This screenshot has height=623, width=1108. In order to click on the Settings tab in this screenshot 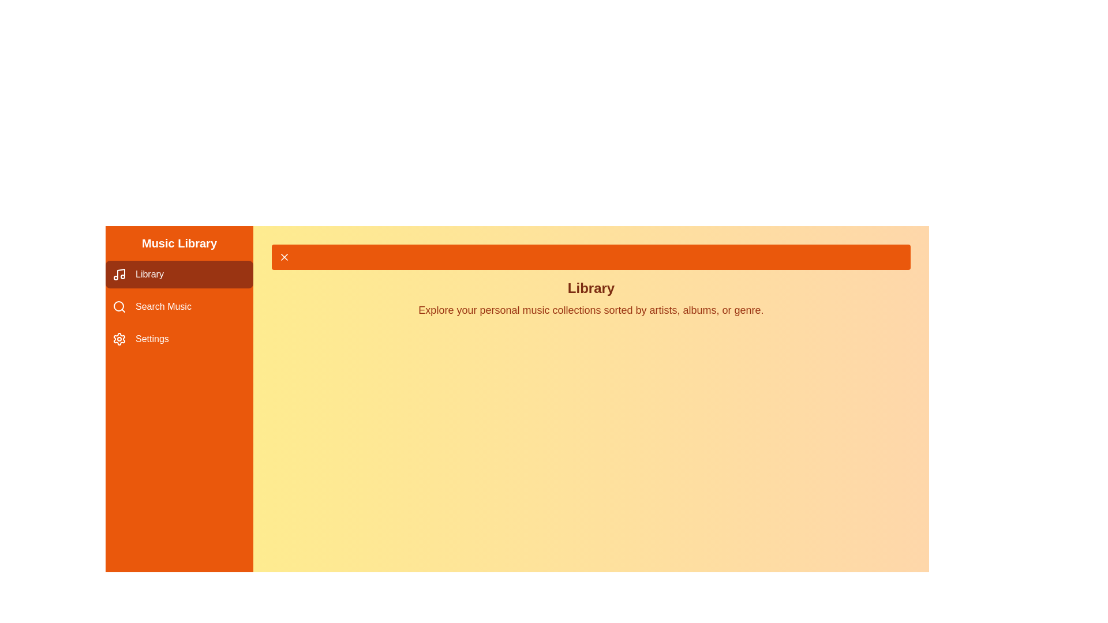, I will do `click(179, 338)`.